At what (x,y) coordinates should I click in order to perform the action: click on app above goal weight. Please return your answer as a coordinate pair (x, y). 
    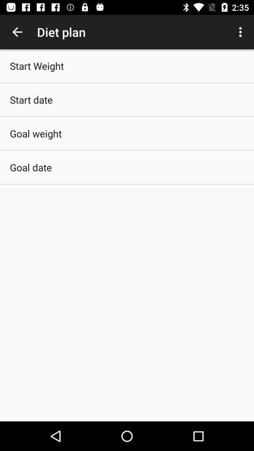
    Looking at the image, I should click on (31, 100).